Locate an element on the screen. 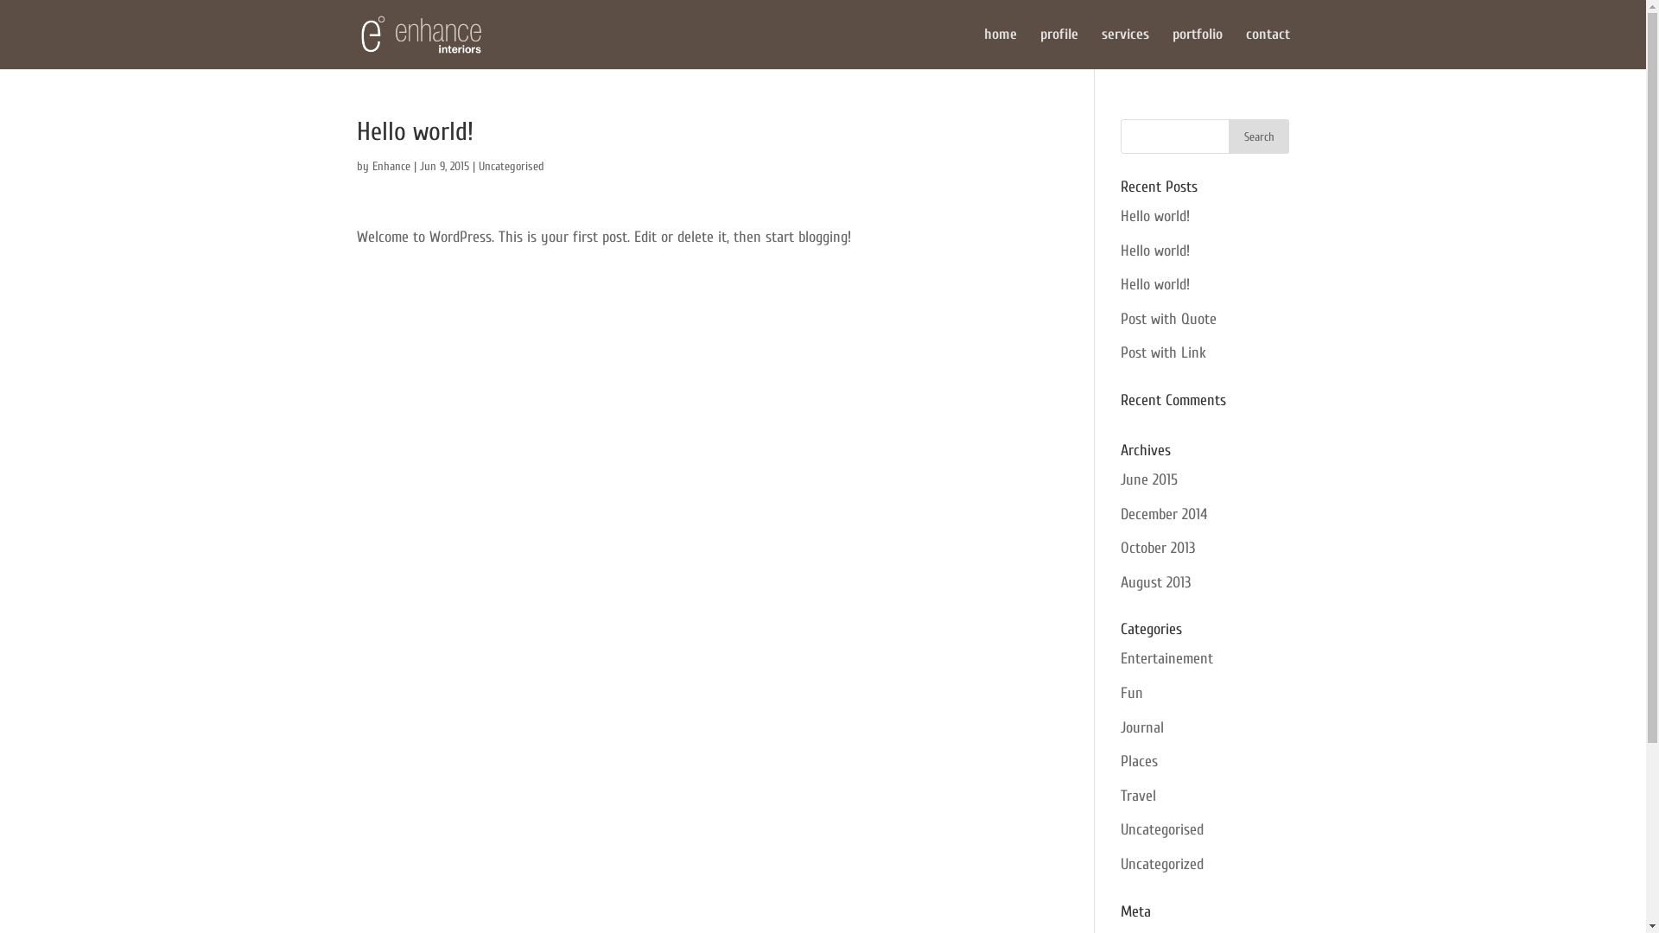 This screenshot has height=933, width=1659. 'Hello world!' is located at coordinates (1155, 283).